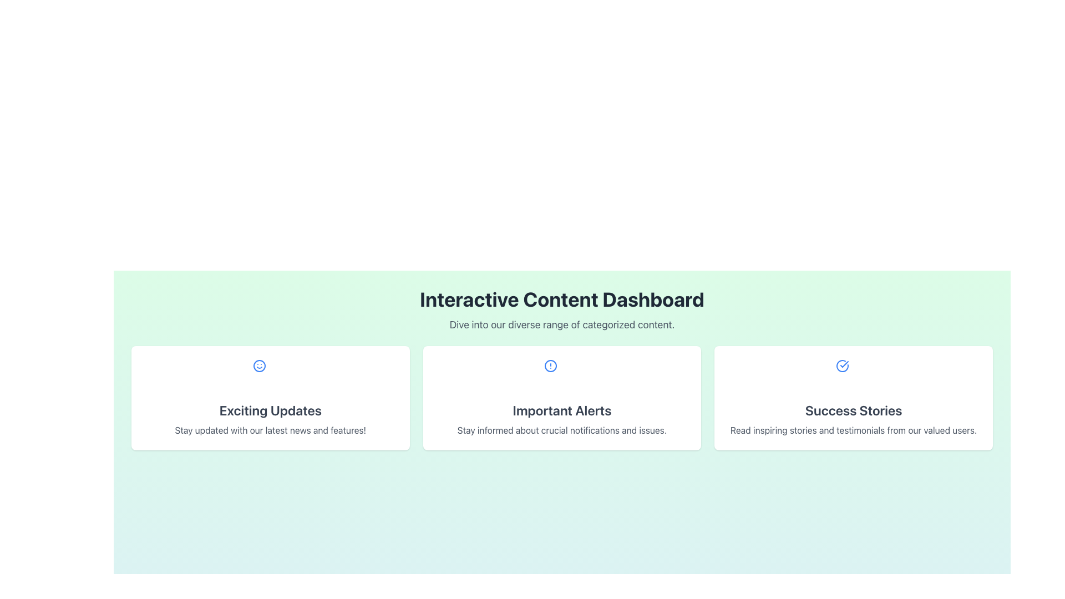 This screenshot has height=599, width=1065. I want to click on the blue circular icon with an alert symbol located in the center of the 'Important Alerts' card in the Interactive Content Dashboard, so click(551, 366).